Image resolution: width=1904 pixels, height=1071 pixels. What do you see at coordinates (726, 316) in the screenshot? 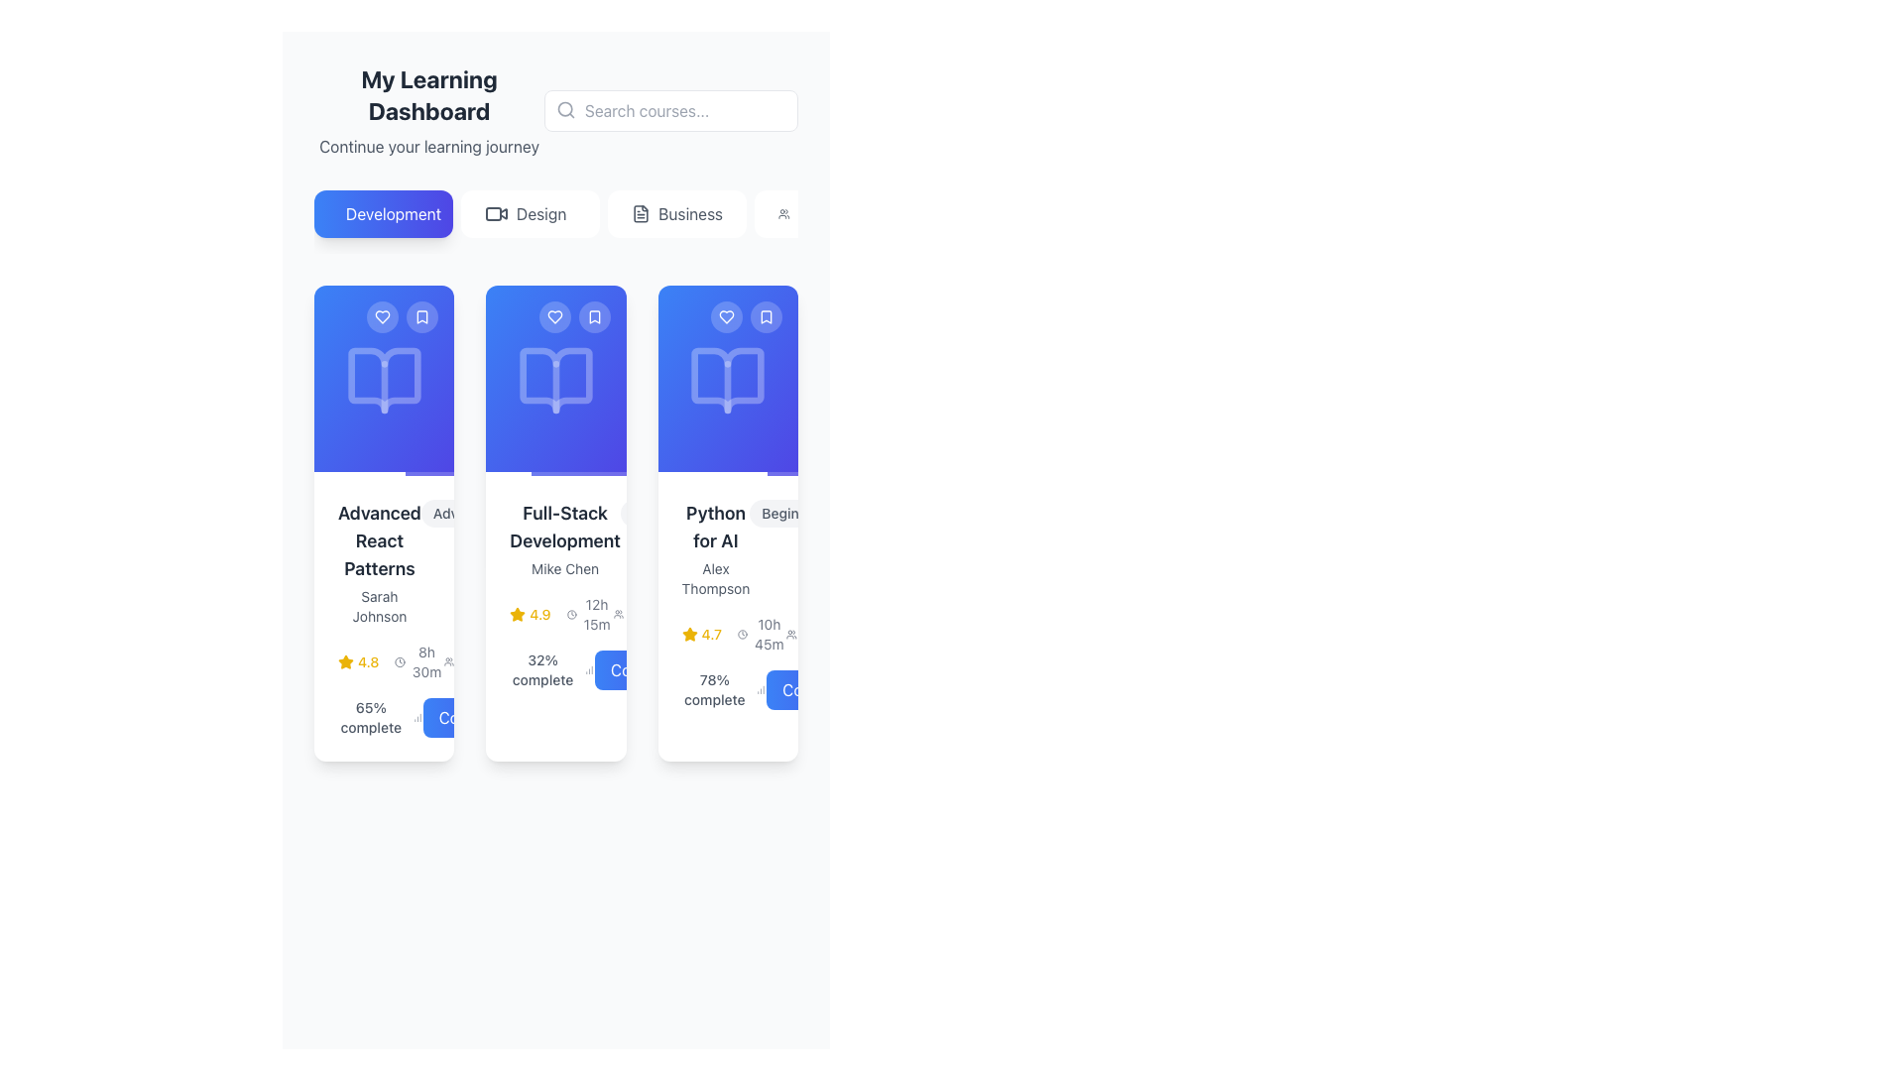
I see `the heart-shaped icon located in the blue header section of the third card to favorite the course` at bounding box center [726, 316].